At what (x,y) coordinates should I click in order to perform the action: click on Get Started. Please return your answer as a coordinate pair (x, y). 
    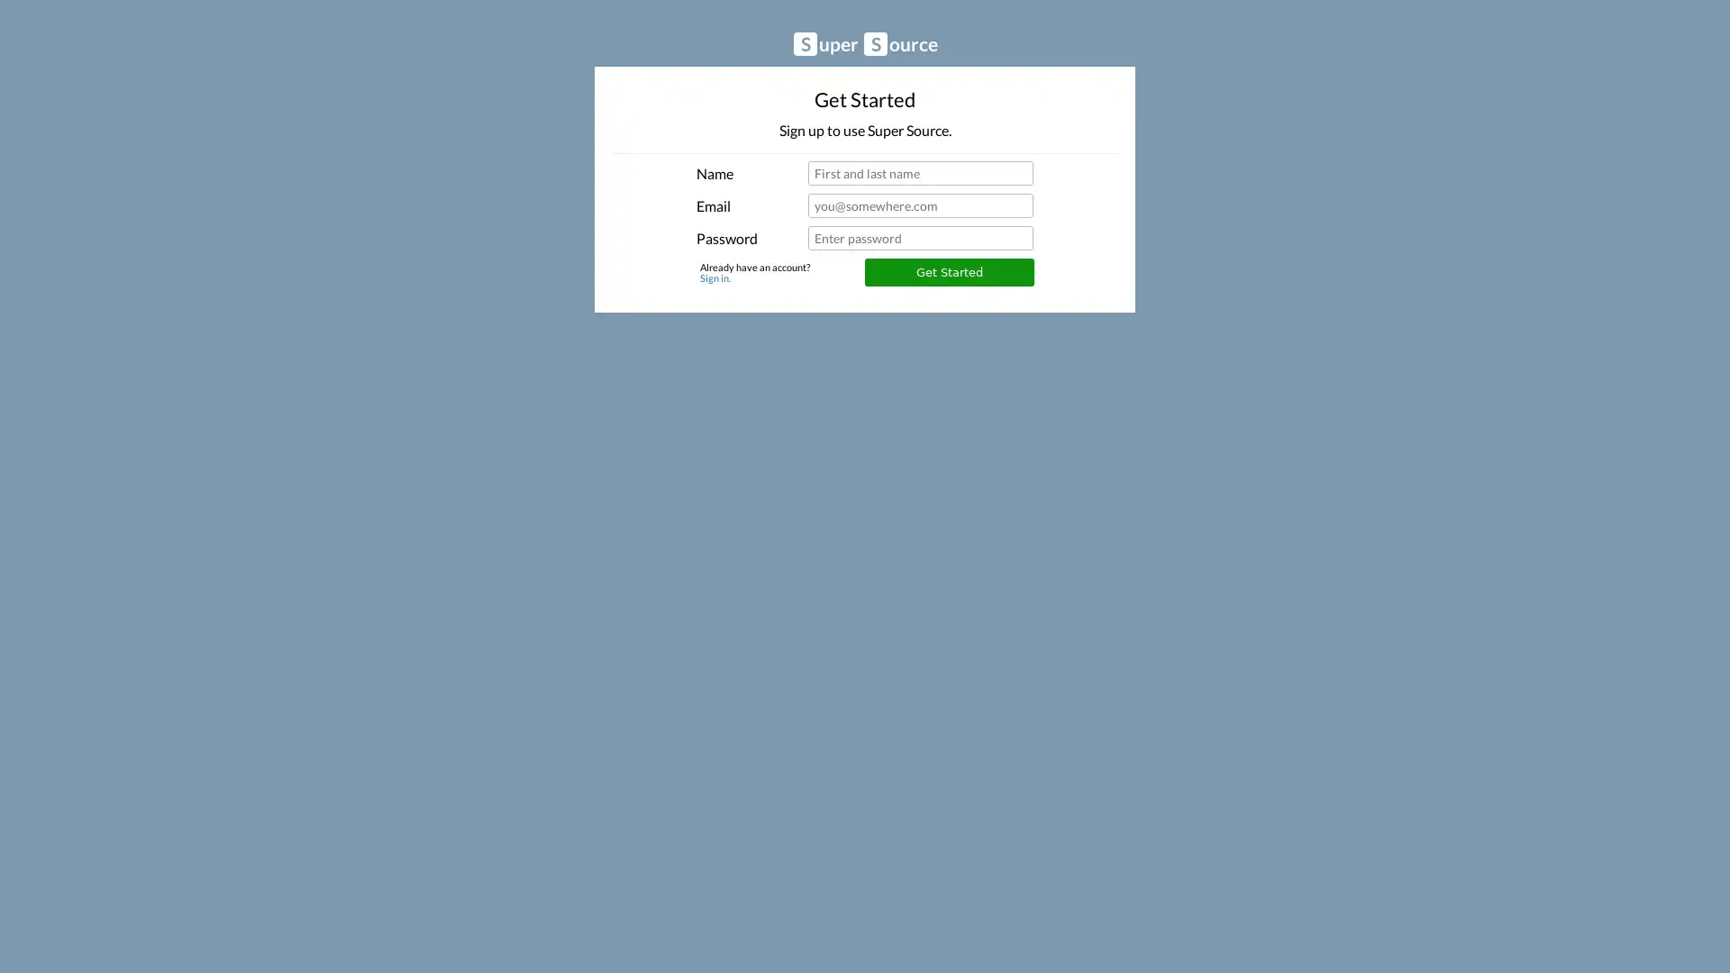
    Looking at the image, I should click on (948, 271).